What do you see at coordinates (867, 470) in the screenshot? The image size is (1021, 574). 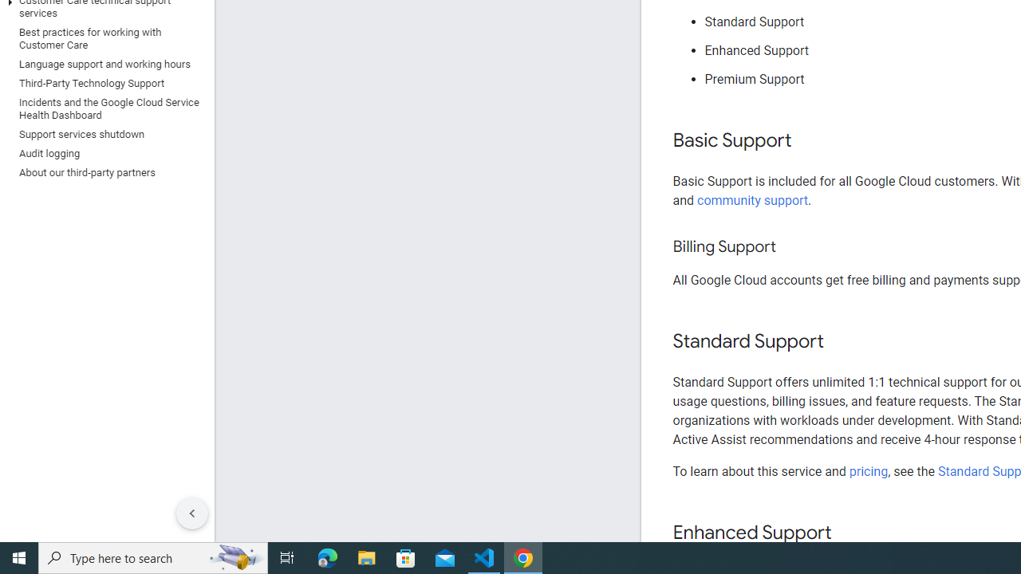 I see `'pricing'` at bounding box center [867, 470].